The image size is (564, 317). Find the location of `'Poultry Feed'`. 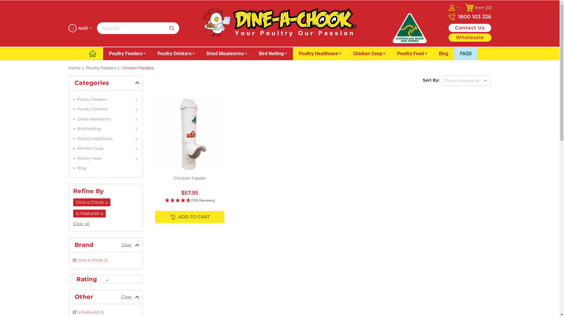

'Poultry Feed' is located at coordinates (391, 53).